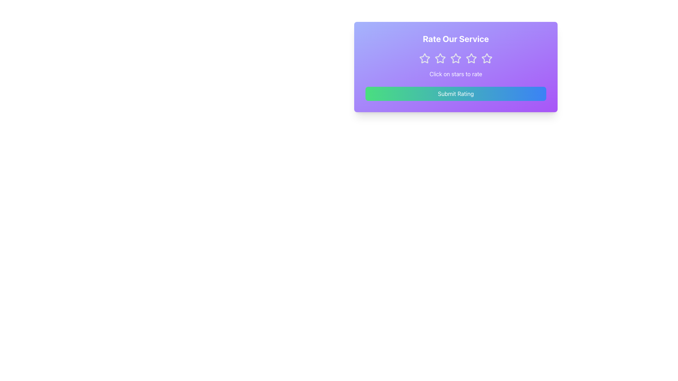 The image size is (678, 381). What do you see at coordinates (456, 93) in the screenshot?
I see `the 'Submit Rating' button located at the bottom of the rating card` at bounding box center [456, 93].